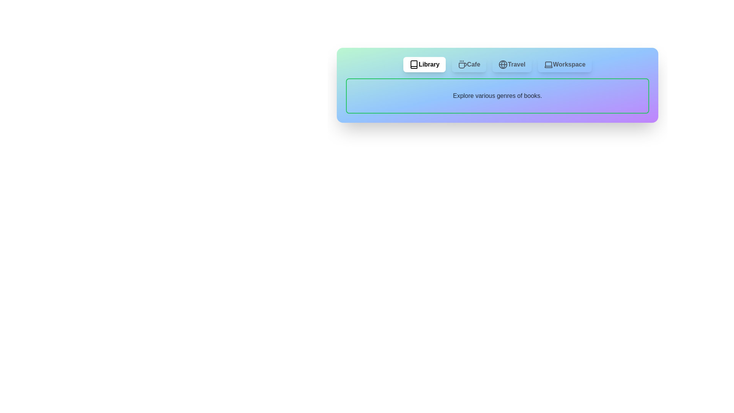 The width and height of the screenshot is (734, 413). Describe the element at coordinates (468, 64) in the screenshot. I see `the Cafe button to observe its hover effect` at that location.